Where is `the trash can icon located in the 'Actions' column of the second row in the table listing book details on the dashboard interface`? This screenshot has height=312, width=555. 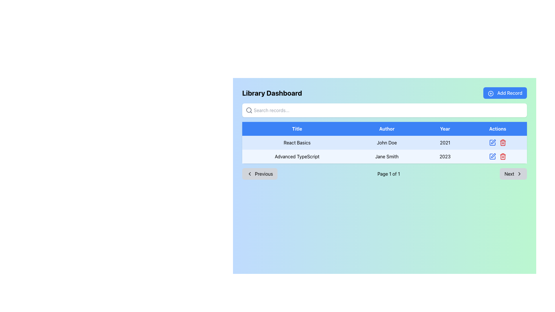
the trash can icon located in the 'Actions' column of the second row in the table listing book details on the dashboard interface is located at coordinates (502, 157).